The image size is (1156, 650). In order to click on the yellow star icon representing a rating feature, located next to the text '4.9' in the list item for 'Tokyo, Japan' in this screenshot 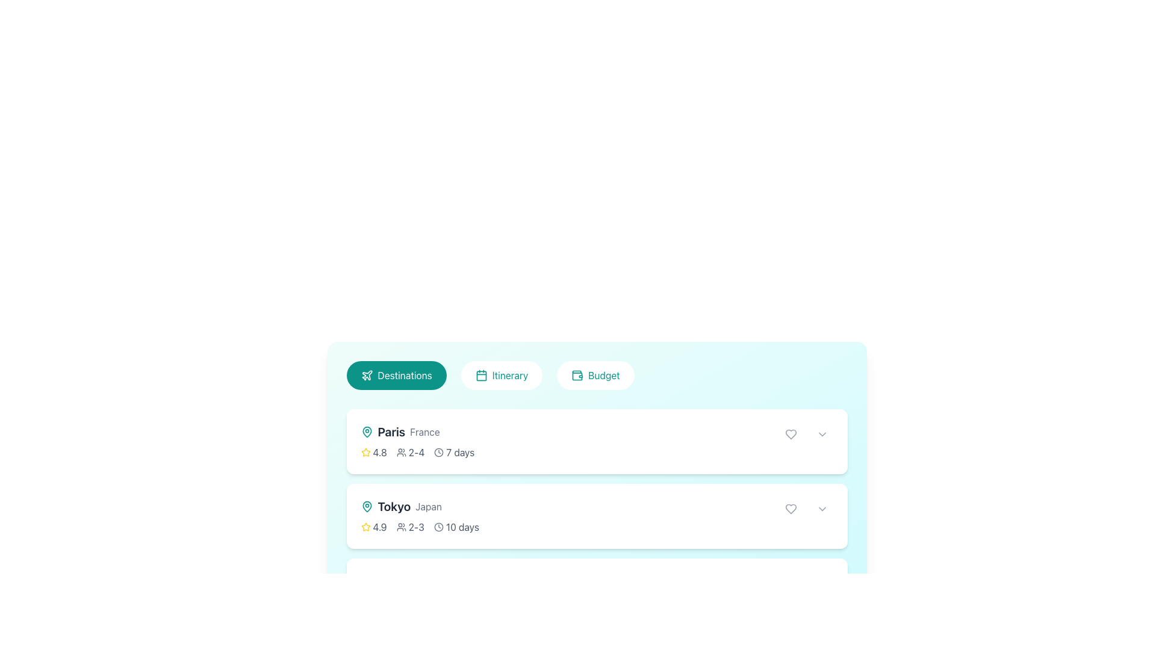, I will do `click(365, 526)`.